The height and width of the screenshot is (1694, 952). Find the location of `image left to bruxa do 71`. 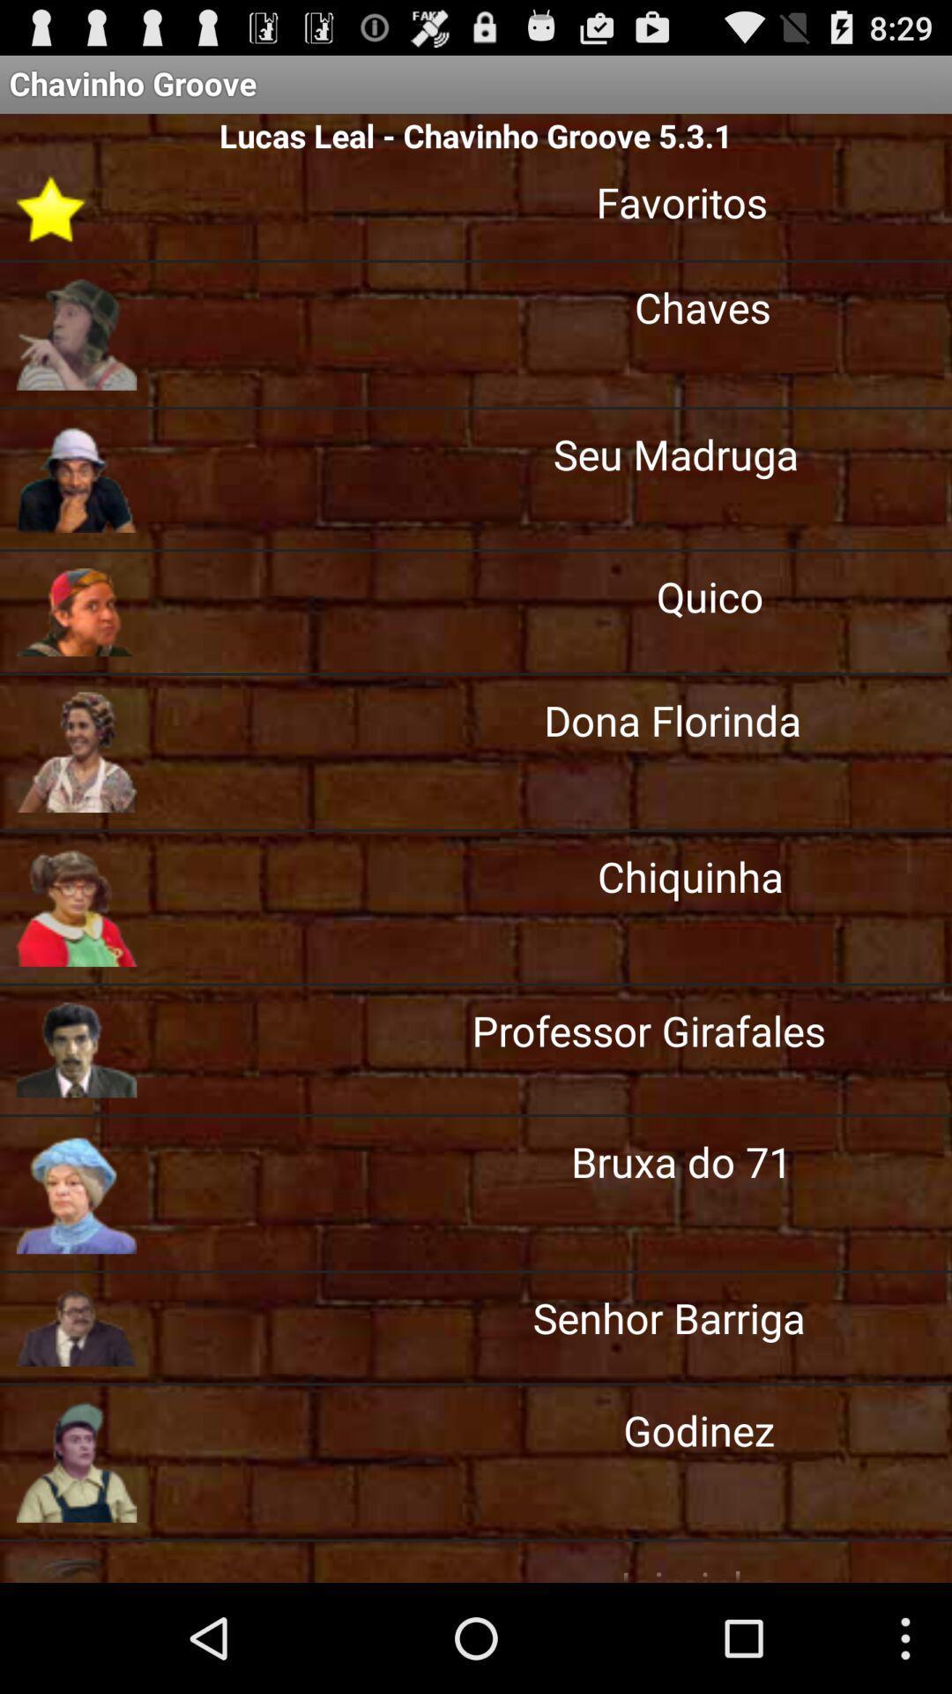

image left to bruxa do 71 is located at coordinates (76, 1194).